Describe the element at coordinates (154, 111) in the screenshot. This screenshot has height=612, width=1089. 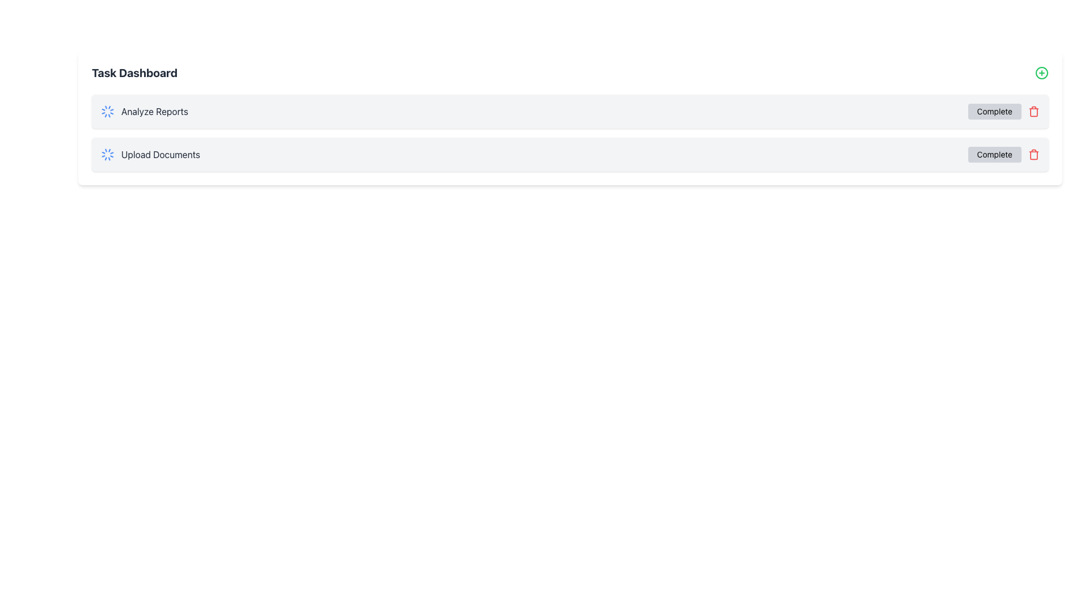
I see `the text label in the Task Dashboard section` at that location.